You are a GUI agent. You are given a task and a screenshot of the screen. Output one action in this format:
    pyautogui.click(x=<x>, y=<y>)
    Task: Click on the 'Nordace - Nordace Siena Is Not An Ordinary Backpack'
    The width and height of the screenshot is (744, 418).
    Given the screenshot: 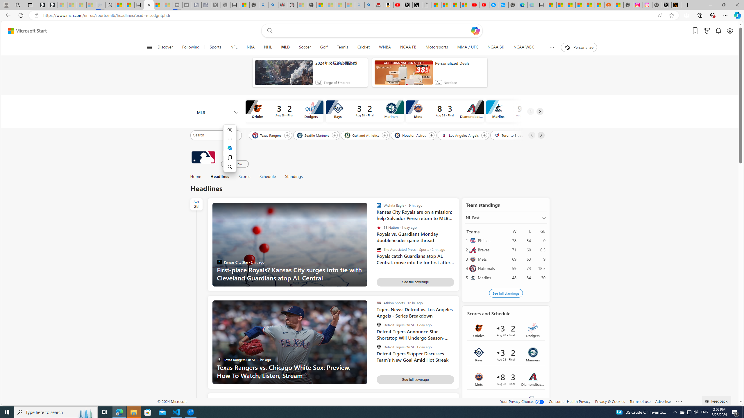 What is the action you would take?
    pyautogui.click(x=312, y=5)
    